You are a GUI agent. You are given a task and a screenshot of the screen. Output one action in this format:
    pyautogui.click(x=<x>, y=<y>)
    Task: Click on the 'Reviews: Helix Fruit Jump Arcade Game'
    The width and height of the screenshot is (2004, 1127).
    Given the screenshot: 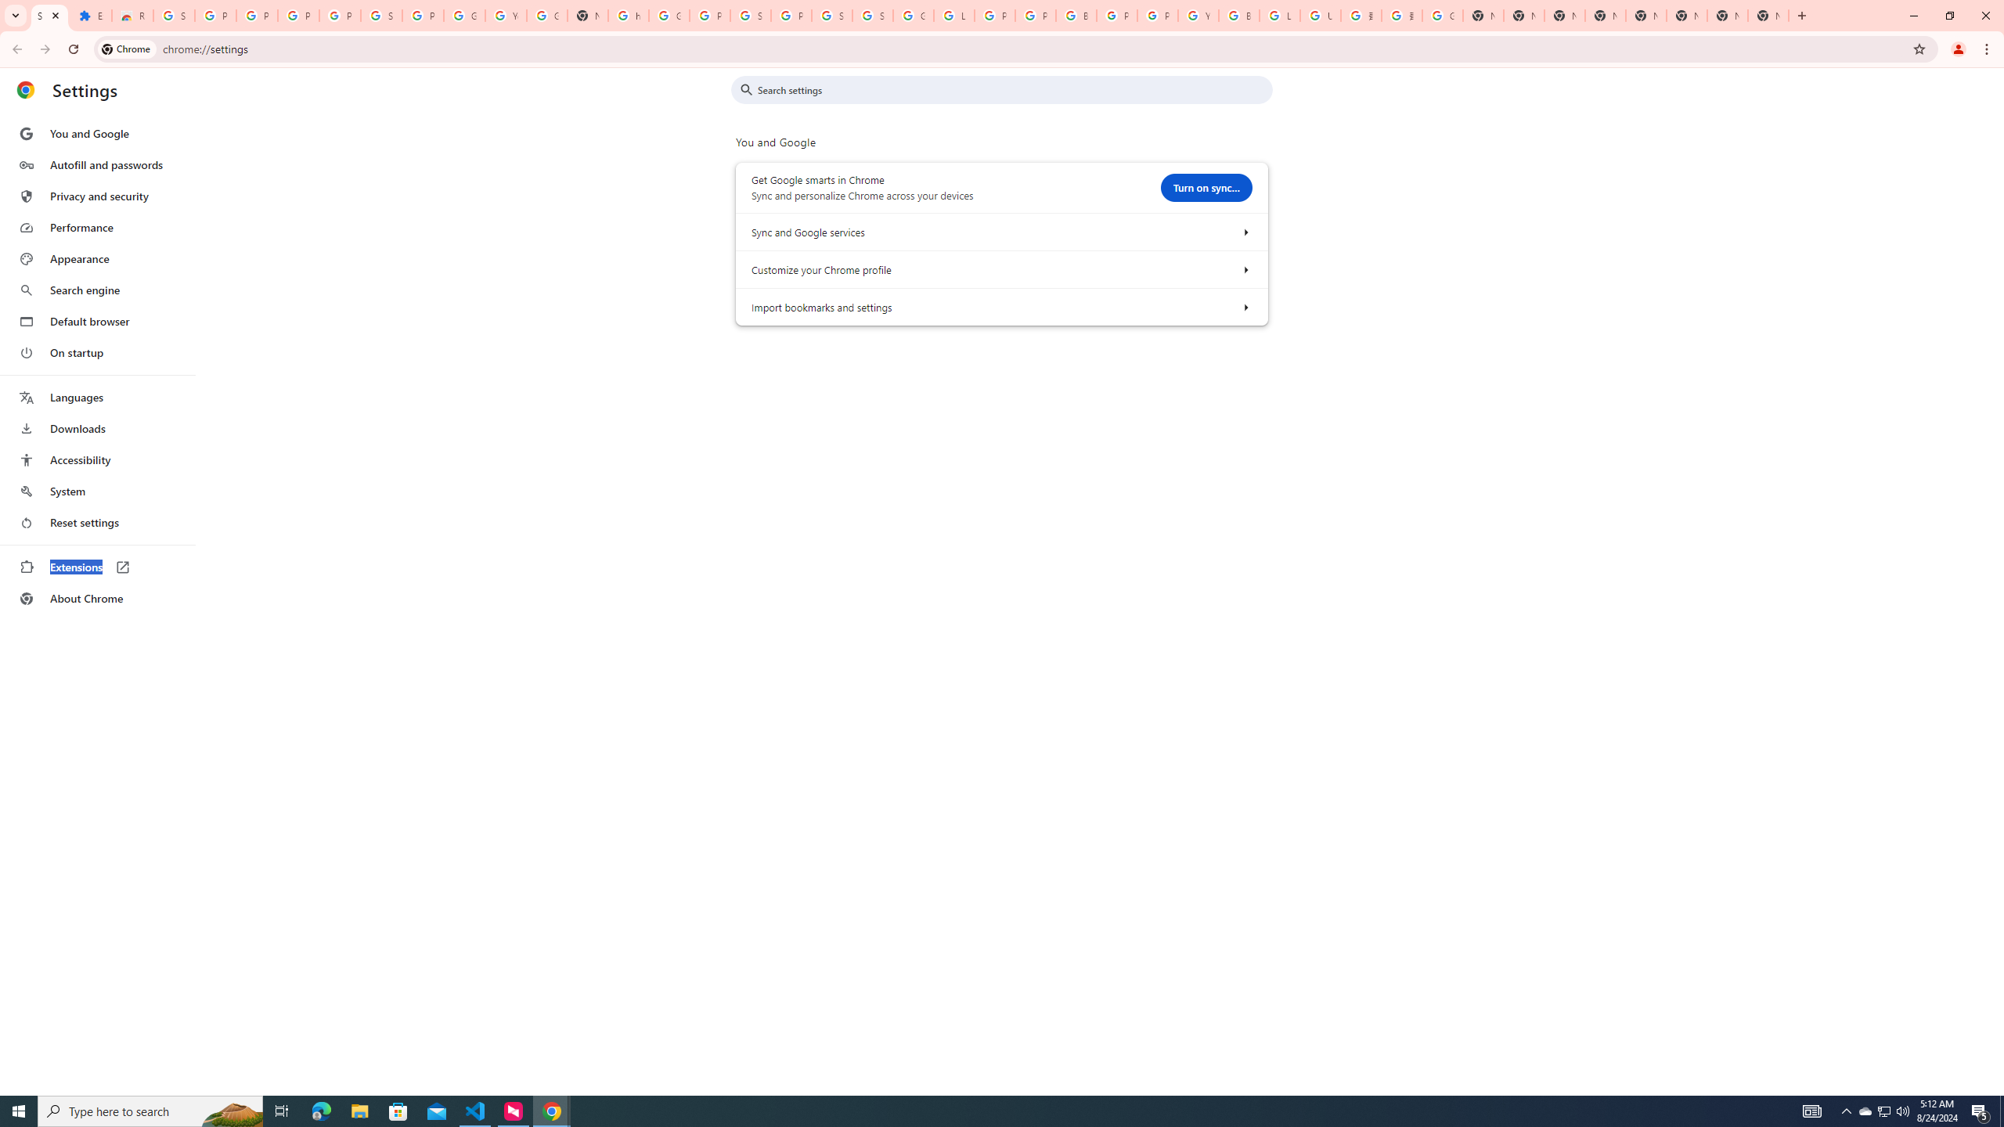 What is the action you would take?
    pyautogui.click(x=131, y=15)
    